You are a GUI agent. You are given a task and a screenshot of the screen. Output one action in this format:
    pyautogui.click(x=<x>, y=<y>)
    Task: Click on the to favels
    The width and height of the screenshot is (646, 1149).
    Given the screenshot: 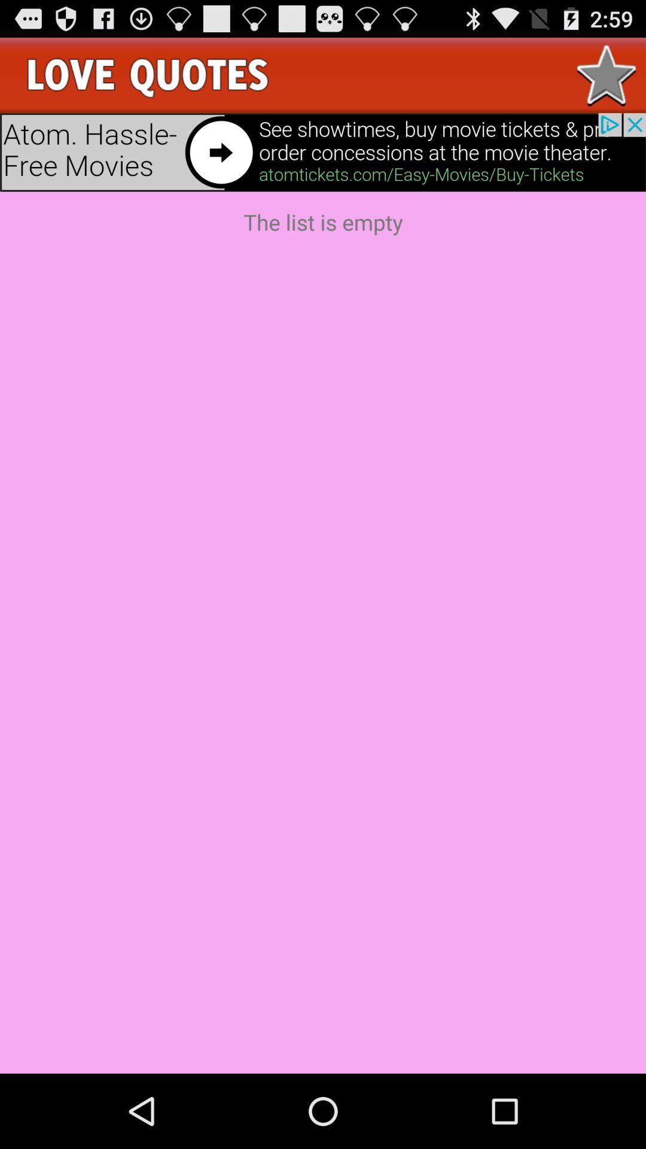 What is the action you would take?
    pyautogui.click(x=607, y=74)
    